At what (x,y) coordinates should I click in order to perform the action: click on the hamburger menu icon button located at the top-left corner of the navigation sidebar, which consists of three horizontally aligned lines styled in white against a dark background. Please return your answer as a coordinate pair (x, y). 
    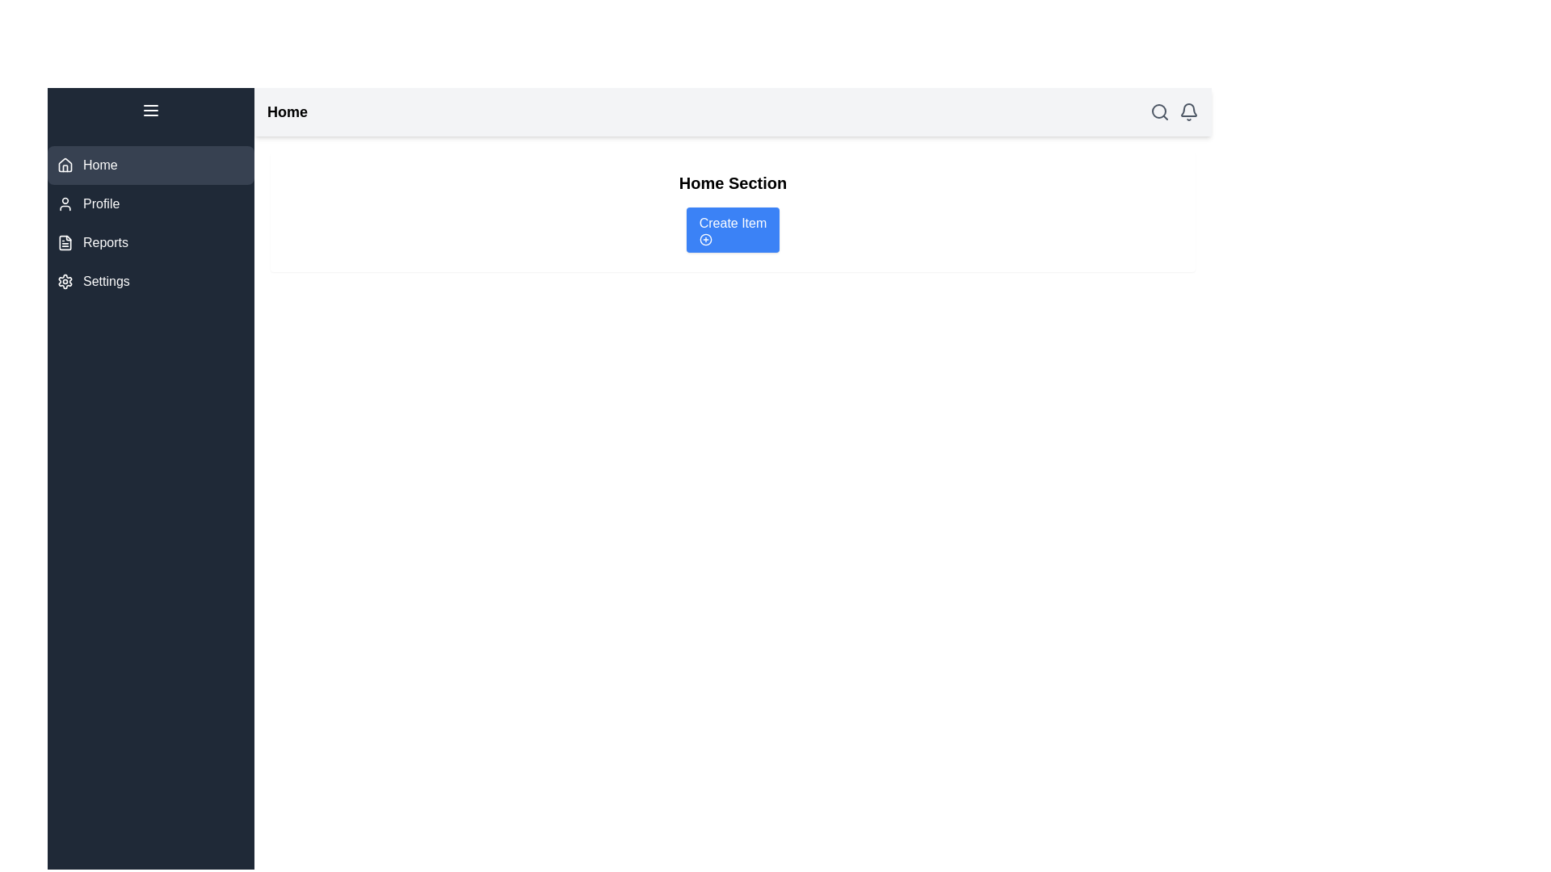
    Looking at the image, I should click on (151, 110).